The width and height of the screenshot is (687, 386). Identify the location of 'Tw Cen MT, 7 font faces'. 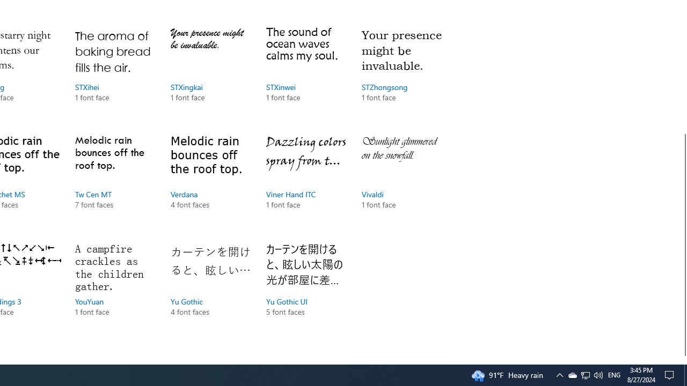
(115, 182).